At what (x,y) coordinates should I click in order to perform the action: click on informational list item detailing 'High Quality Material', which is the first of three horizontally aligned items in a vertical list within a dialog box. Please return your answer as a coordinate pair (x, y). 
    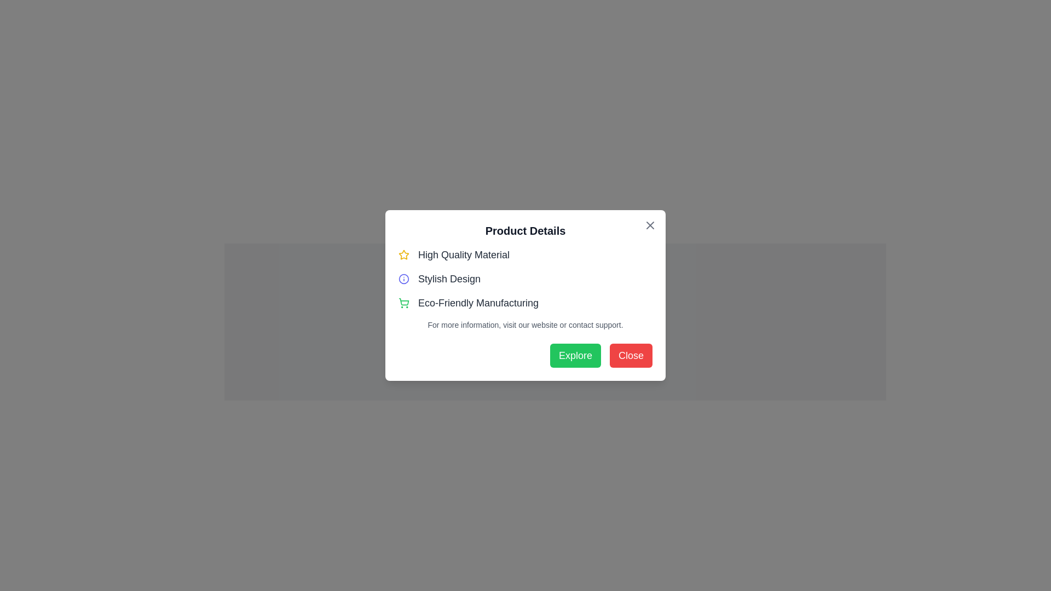
    Looking at the image, I should click on (525, 255).